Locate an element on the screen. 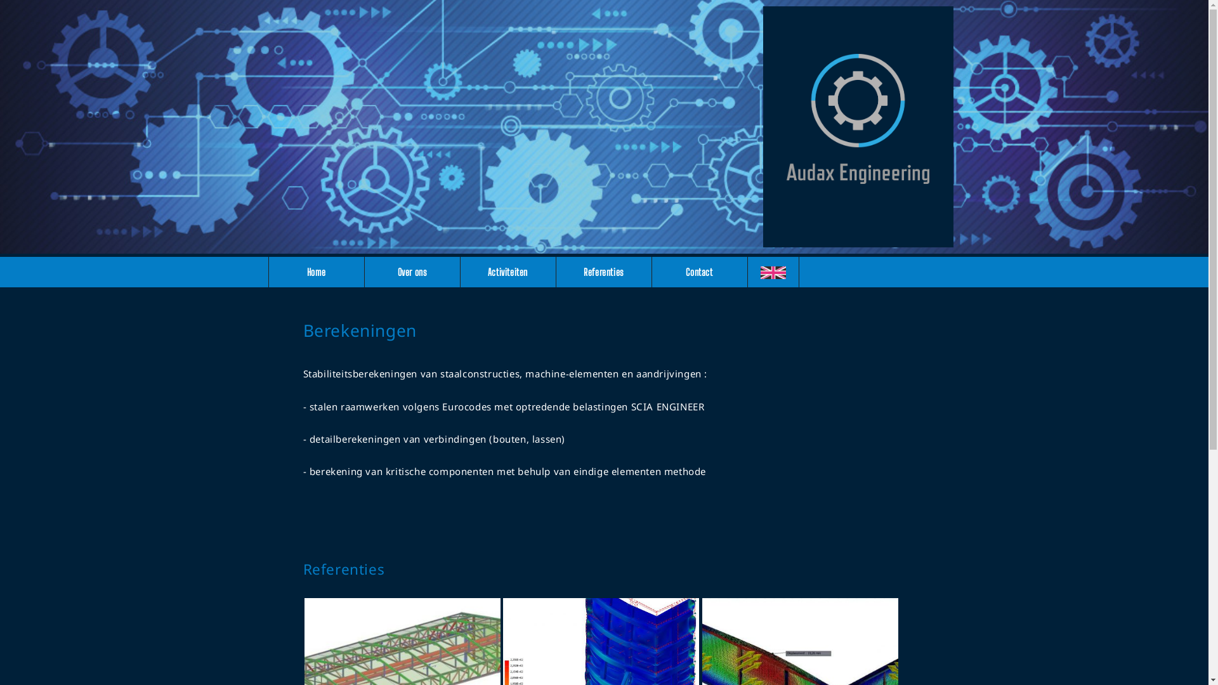  'Contact' is located at coordinates (699, 271).